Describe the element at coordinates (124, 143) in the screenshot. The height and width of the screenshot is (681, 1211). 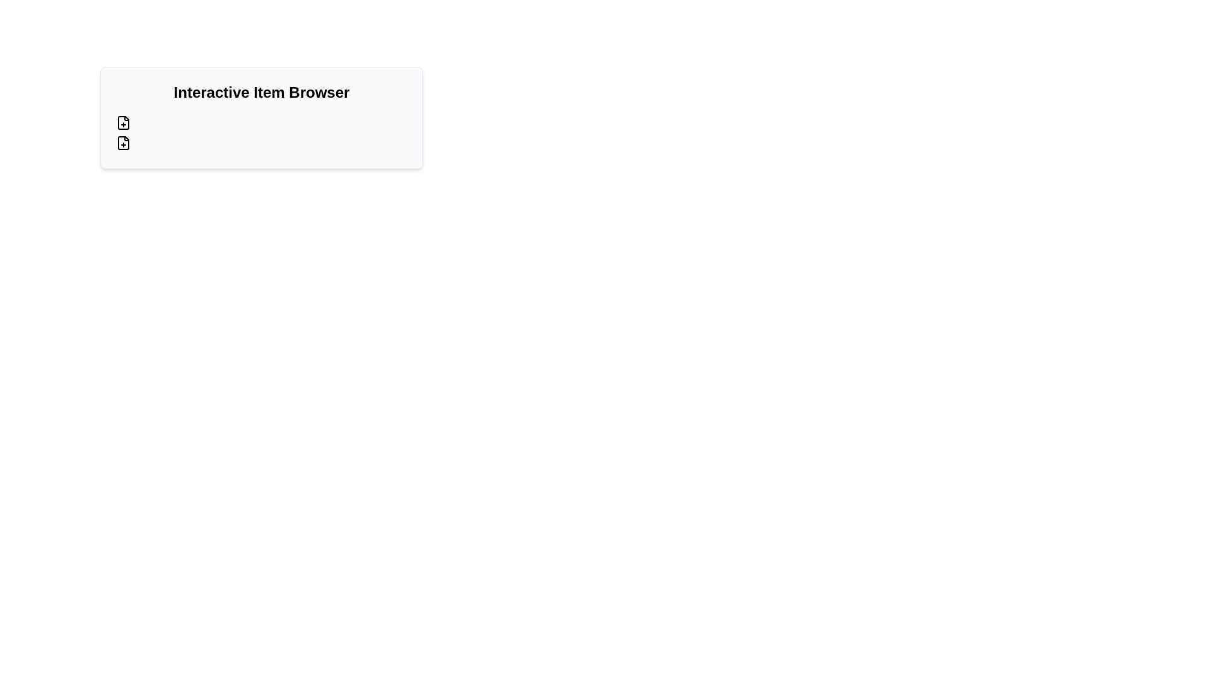
I see `the core rectangular file shape within the SVG component of the second button under the heading 'Interactive Item Browser'` at that location.